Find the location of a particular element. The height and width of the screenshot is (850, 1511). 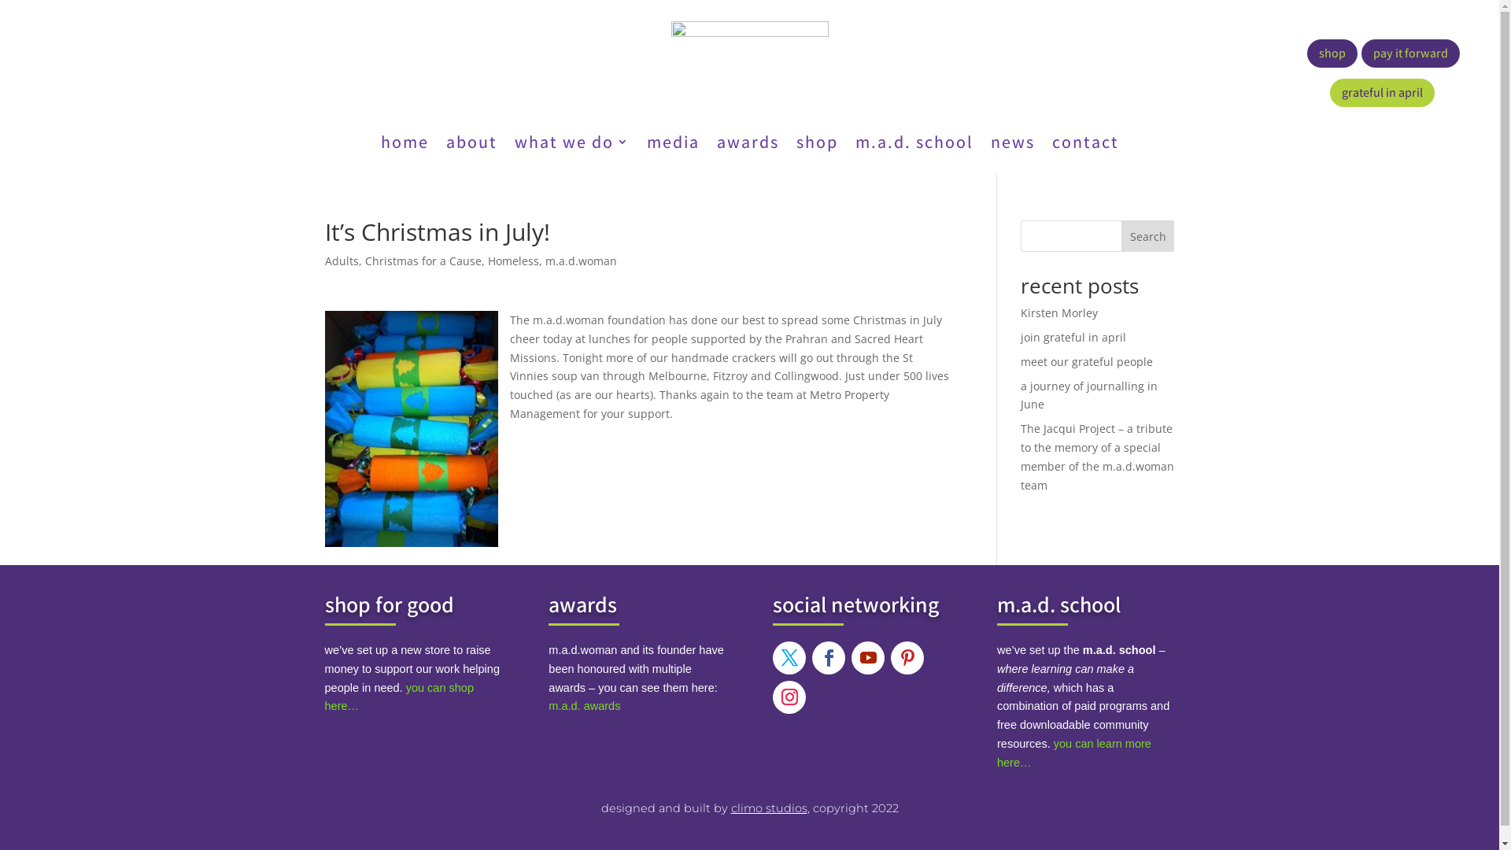

'xmas jul 2014' is located at coordinates (323, 428).